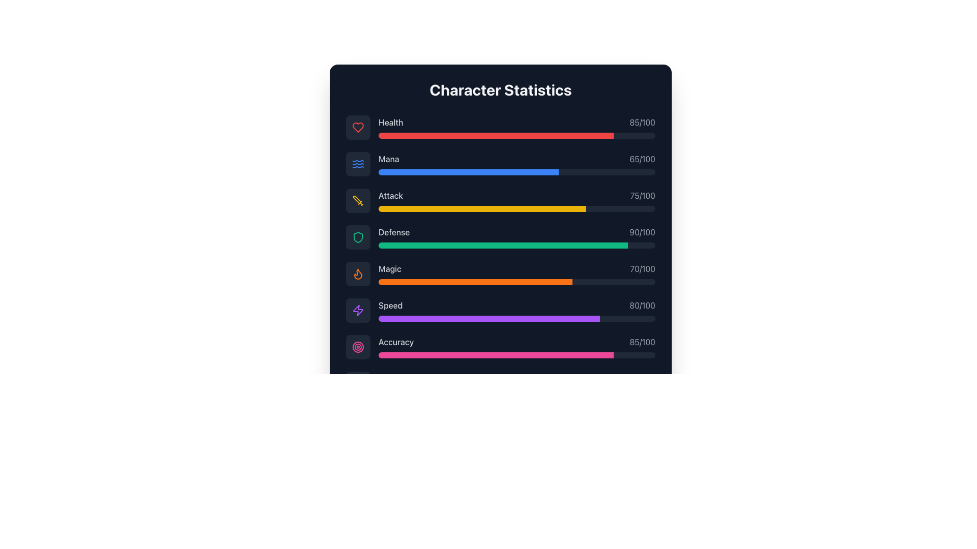  What do you see at coordinates (500, 237) in the screenshot?
I see `the 'Defense' progress bar, which visually represents the character's defense statistic and is positioned between the 'Attack' and 'Magic' attributes in the 'Character Statistics' section` at bounding box center [500, 237].